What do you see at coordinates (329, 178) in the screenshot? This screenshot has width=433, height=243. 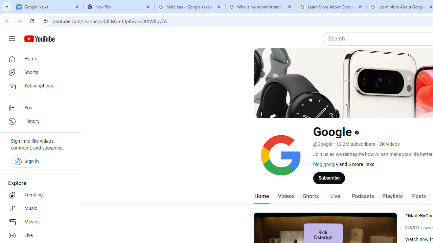 I see `'Subscribe'` at bounding box center [329, 178].